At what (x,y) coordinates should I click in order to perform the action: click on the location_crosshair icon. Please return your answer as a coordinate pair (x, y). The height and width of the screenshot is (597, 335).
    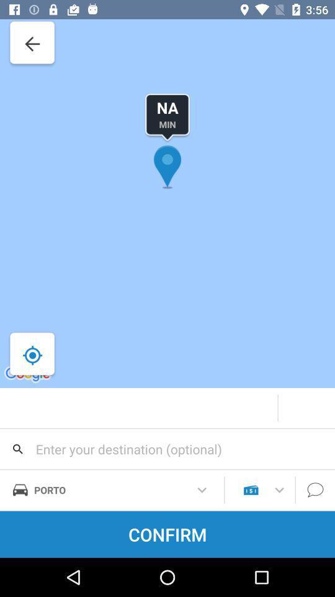
    Looking at the image, I should click on (32, 355).